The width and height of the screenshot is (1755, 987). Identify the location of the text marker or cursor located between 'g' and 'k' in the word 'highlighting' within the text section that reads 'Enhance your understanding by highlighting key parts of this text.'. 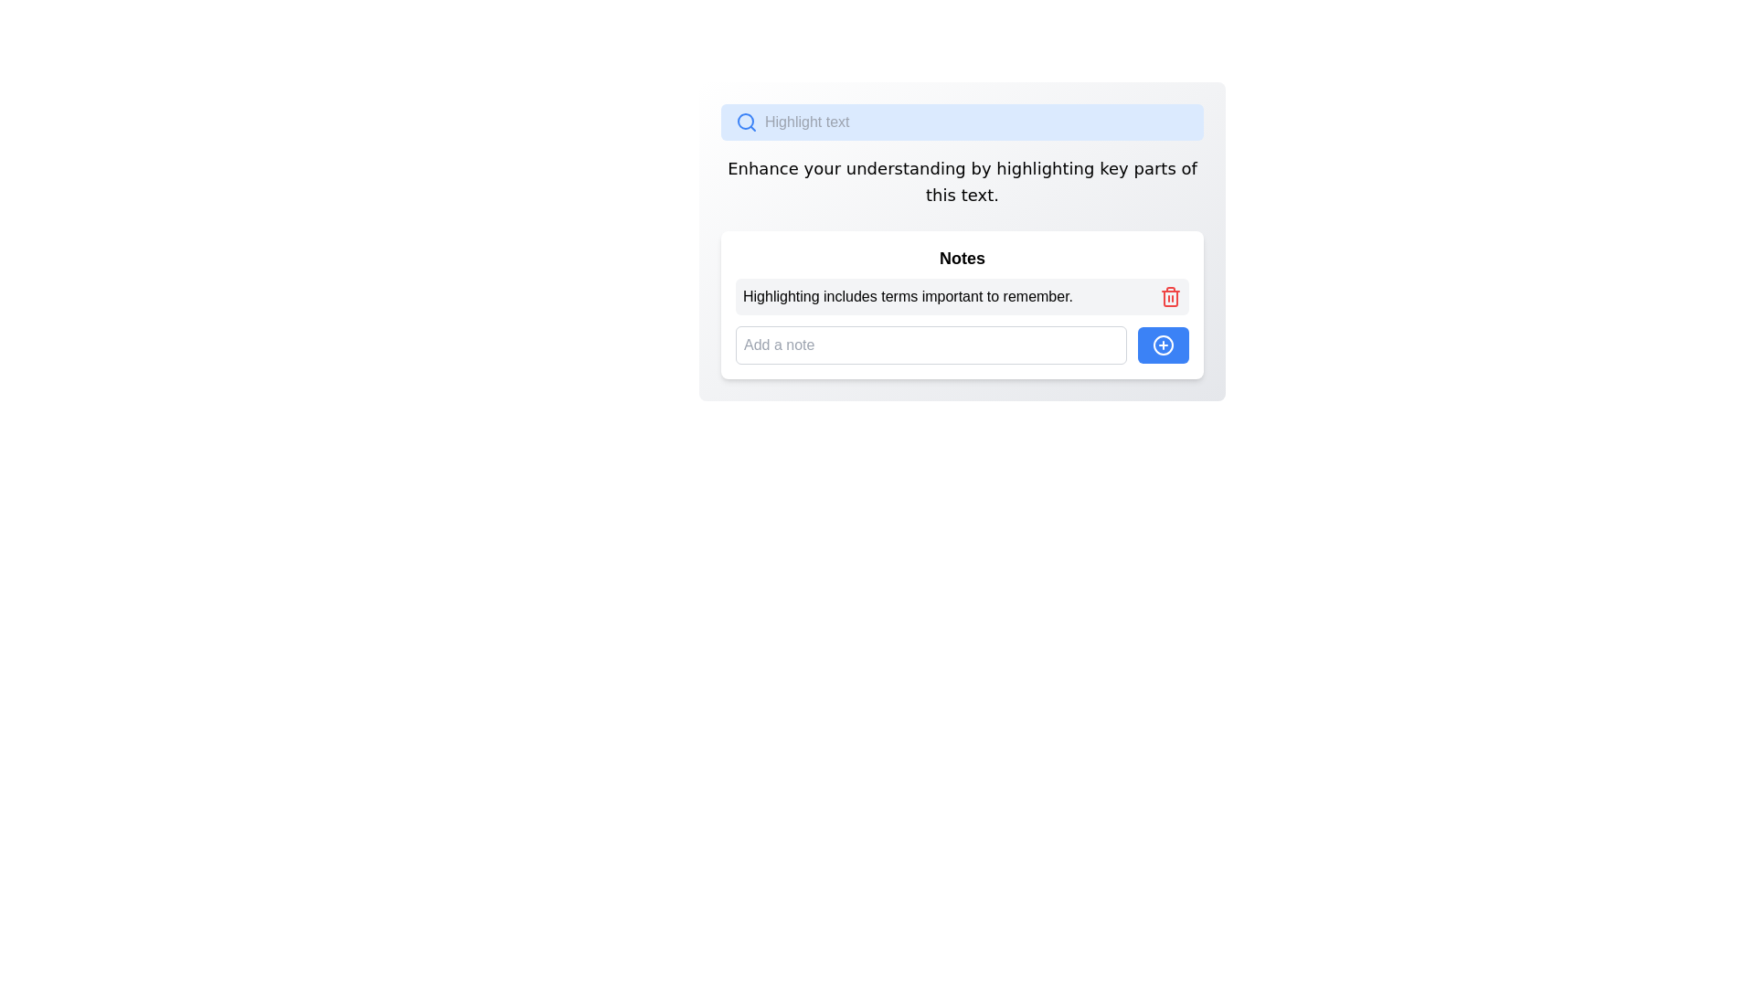
(1097, 168).